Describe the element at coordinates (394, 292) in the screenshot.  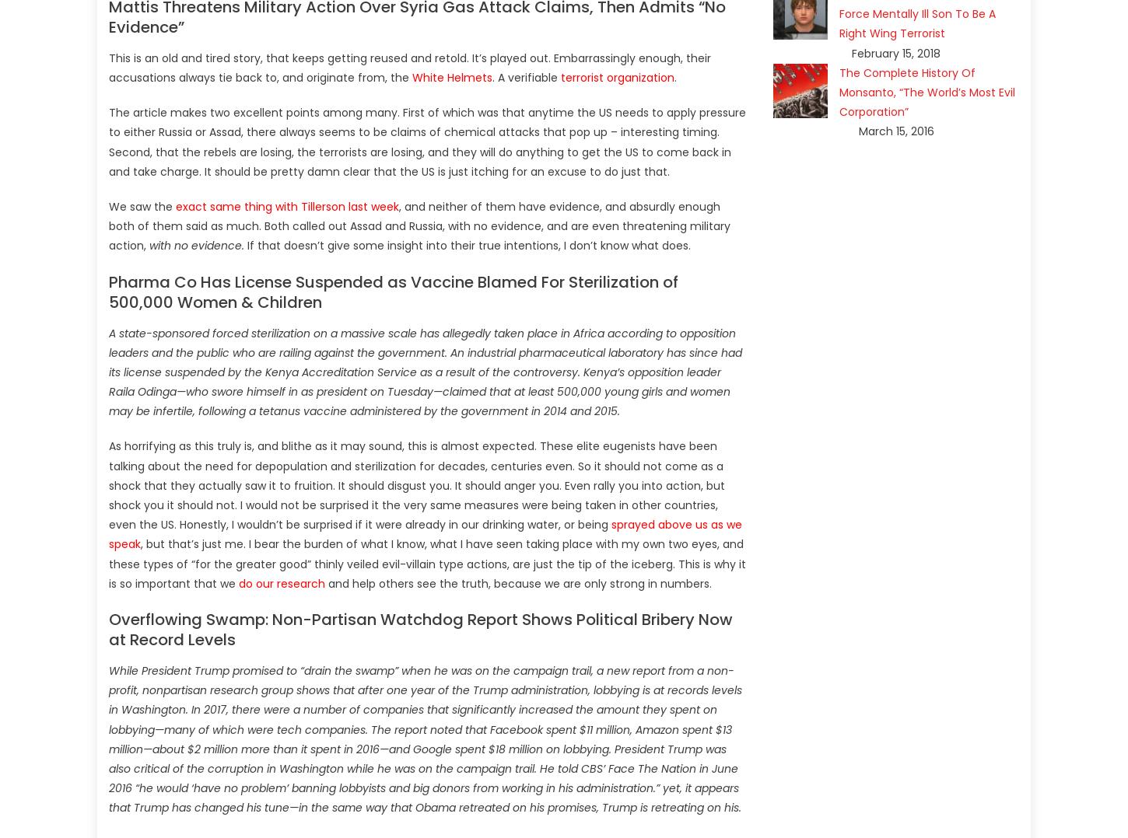
I see `'Pharma Co Has License Suspended as Vaccine Blamed For Sterilization of 500,000 Women & Children'` at that location.